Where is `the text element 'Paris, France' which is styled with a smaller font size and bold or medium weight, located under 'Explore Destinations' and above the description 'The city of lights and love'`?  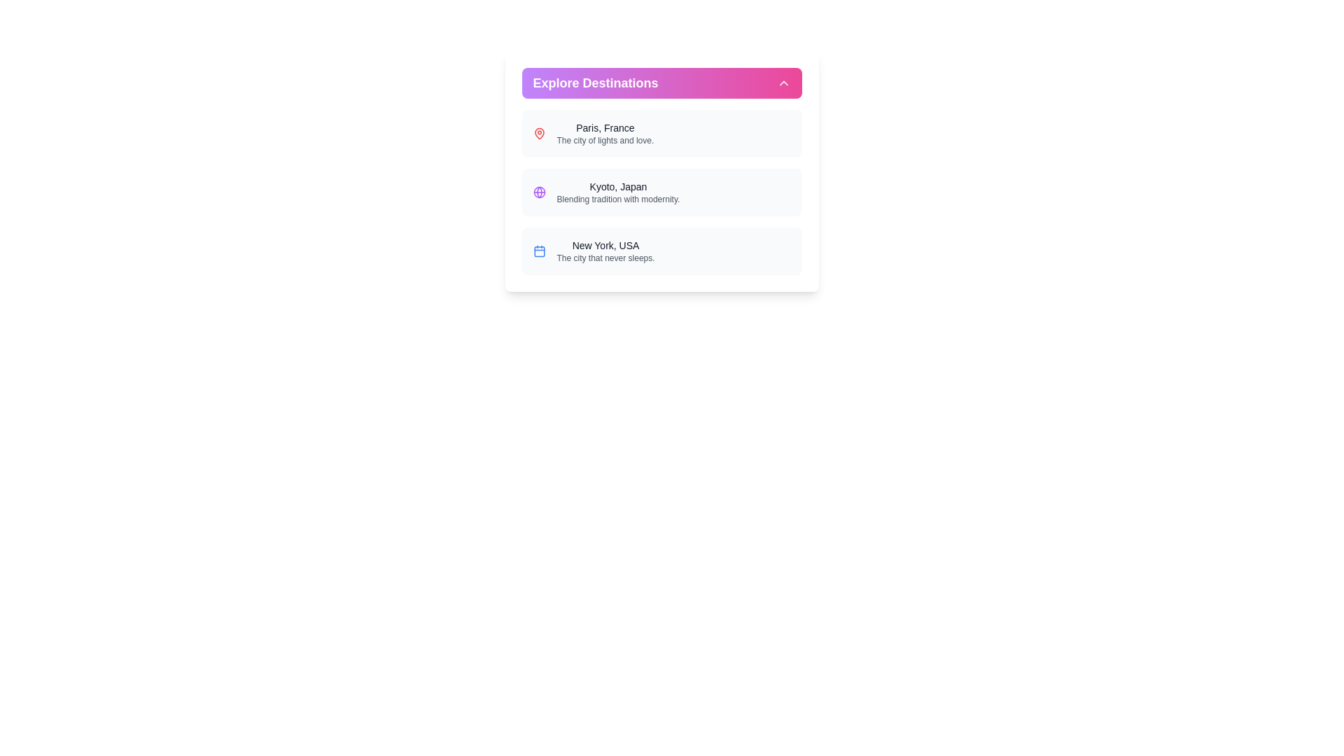
the text element 'Paris, France' which is styled with a smaller font size and bold or medium weight, located under 'Explore Destinations' and above the description 'The city of lights and love' is located at coordinates (605, 127).